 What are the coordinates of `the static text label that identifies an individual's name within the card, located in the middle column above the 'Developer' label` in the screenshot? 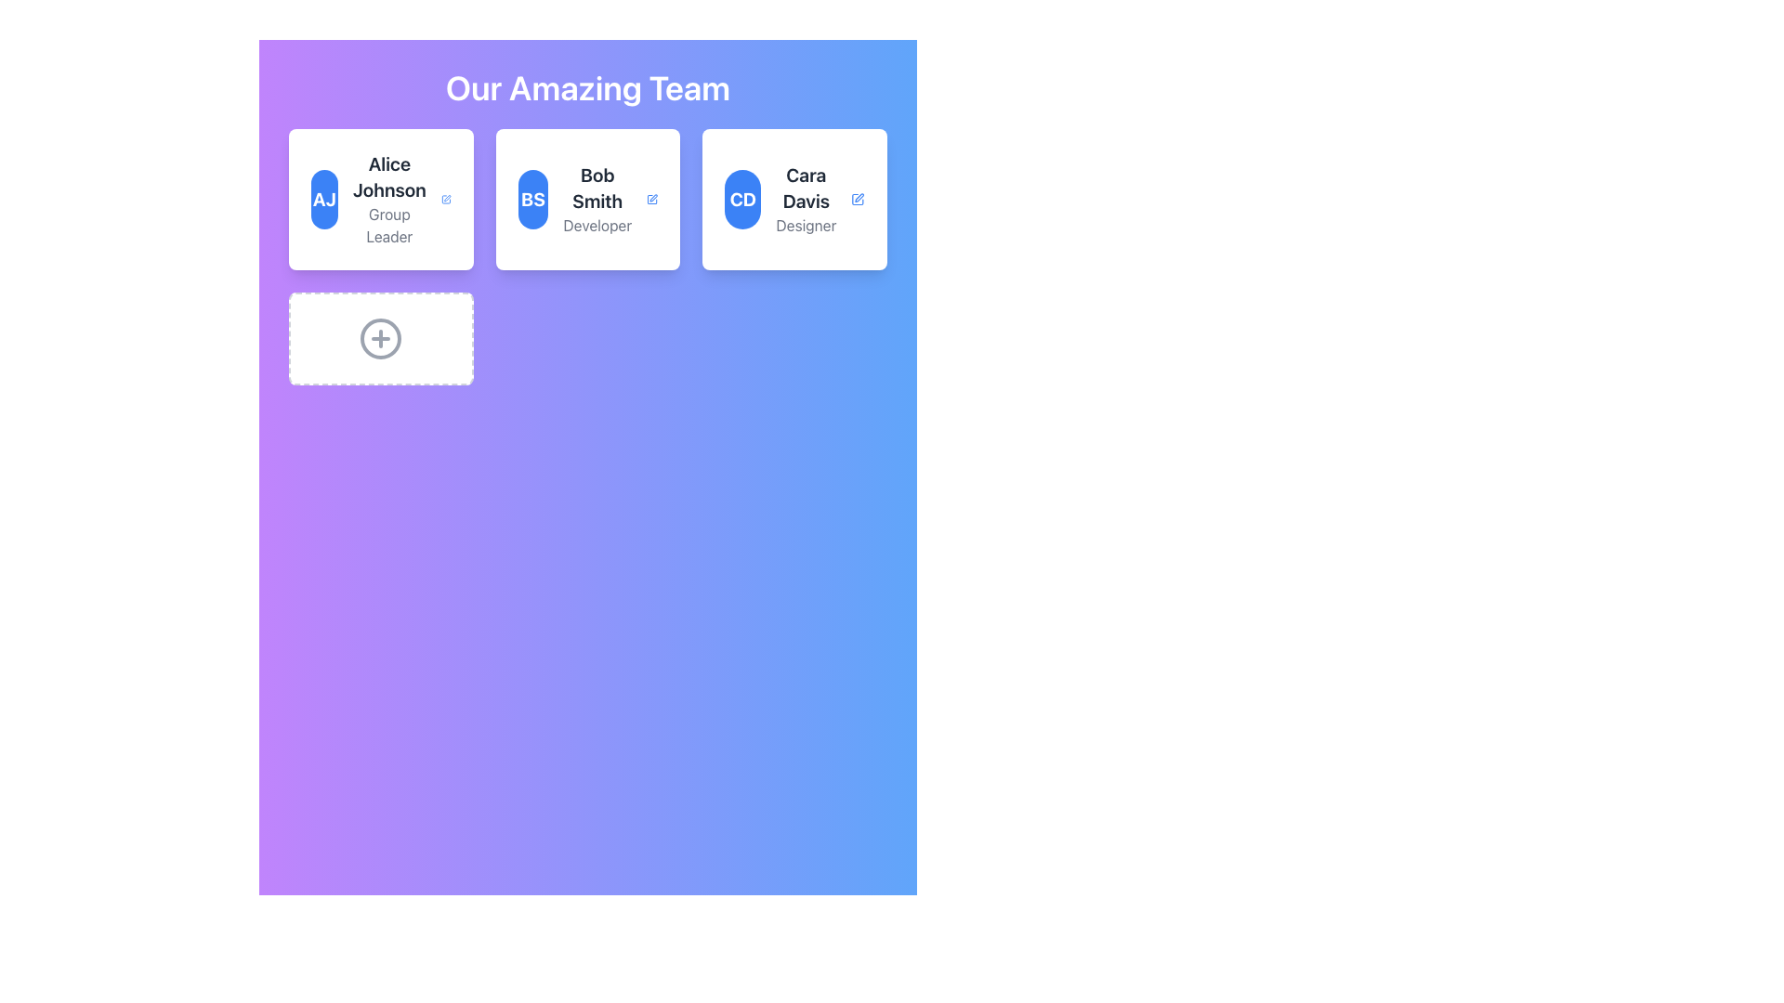 It's located at (597, 189).